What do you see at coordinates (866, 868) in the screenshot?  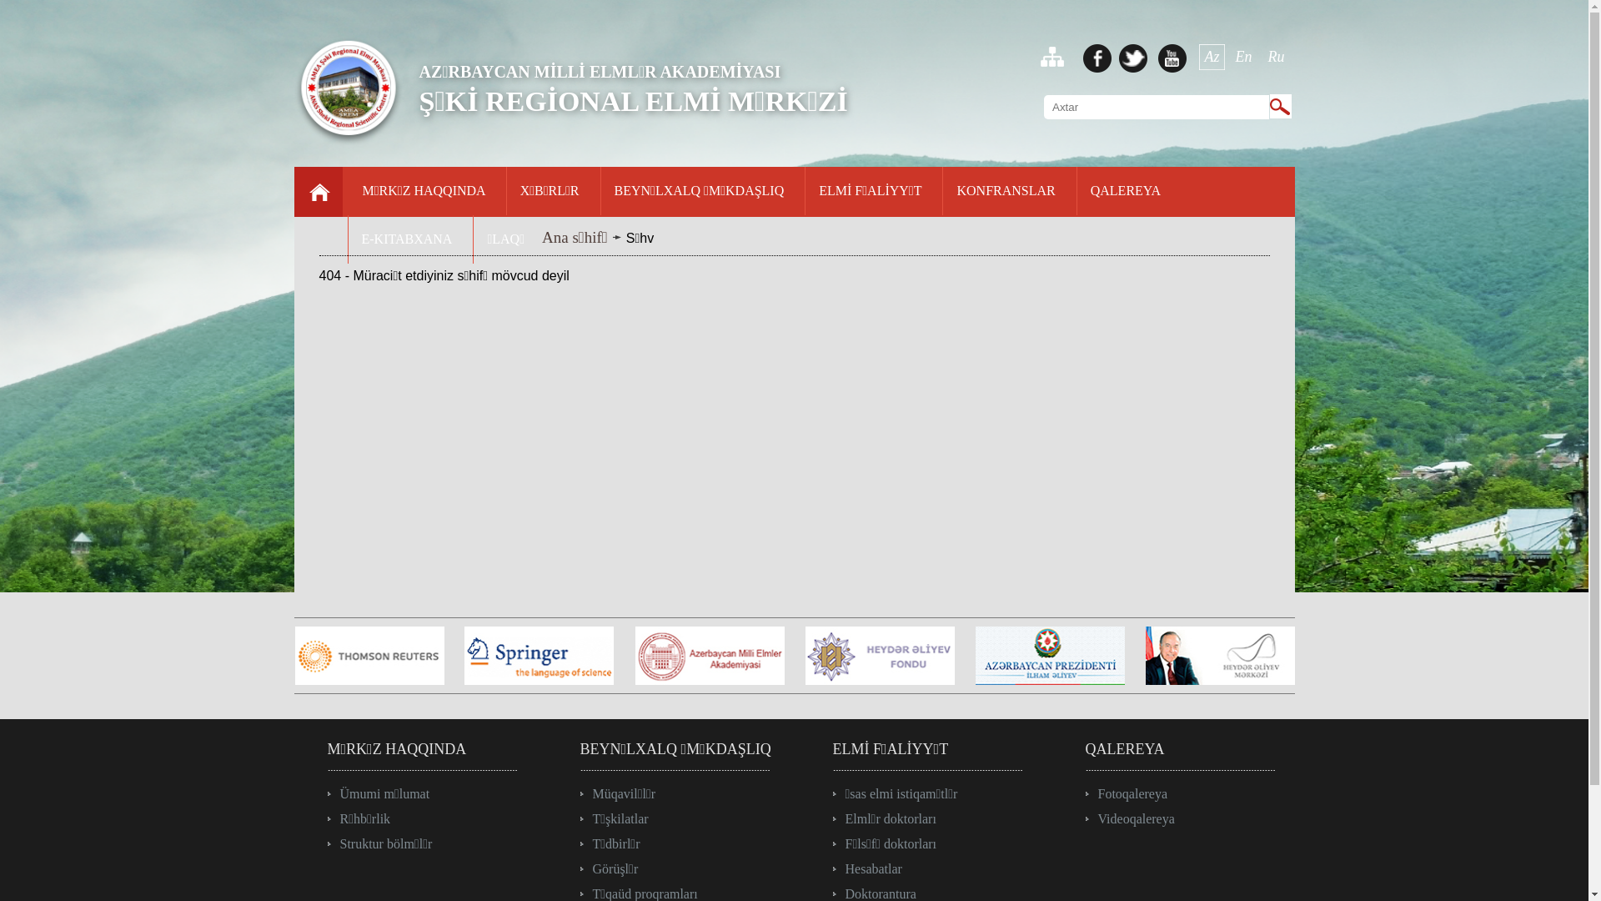 I see `'Hesabatlar'` at bounding box center [866, 868].